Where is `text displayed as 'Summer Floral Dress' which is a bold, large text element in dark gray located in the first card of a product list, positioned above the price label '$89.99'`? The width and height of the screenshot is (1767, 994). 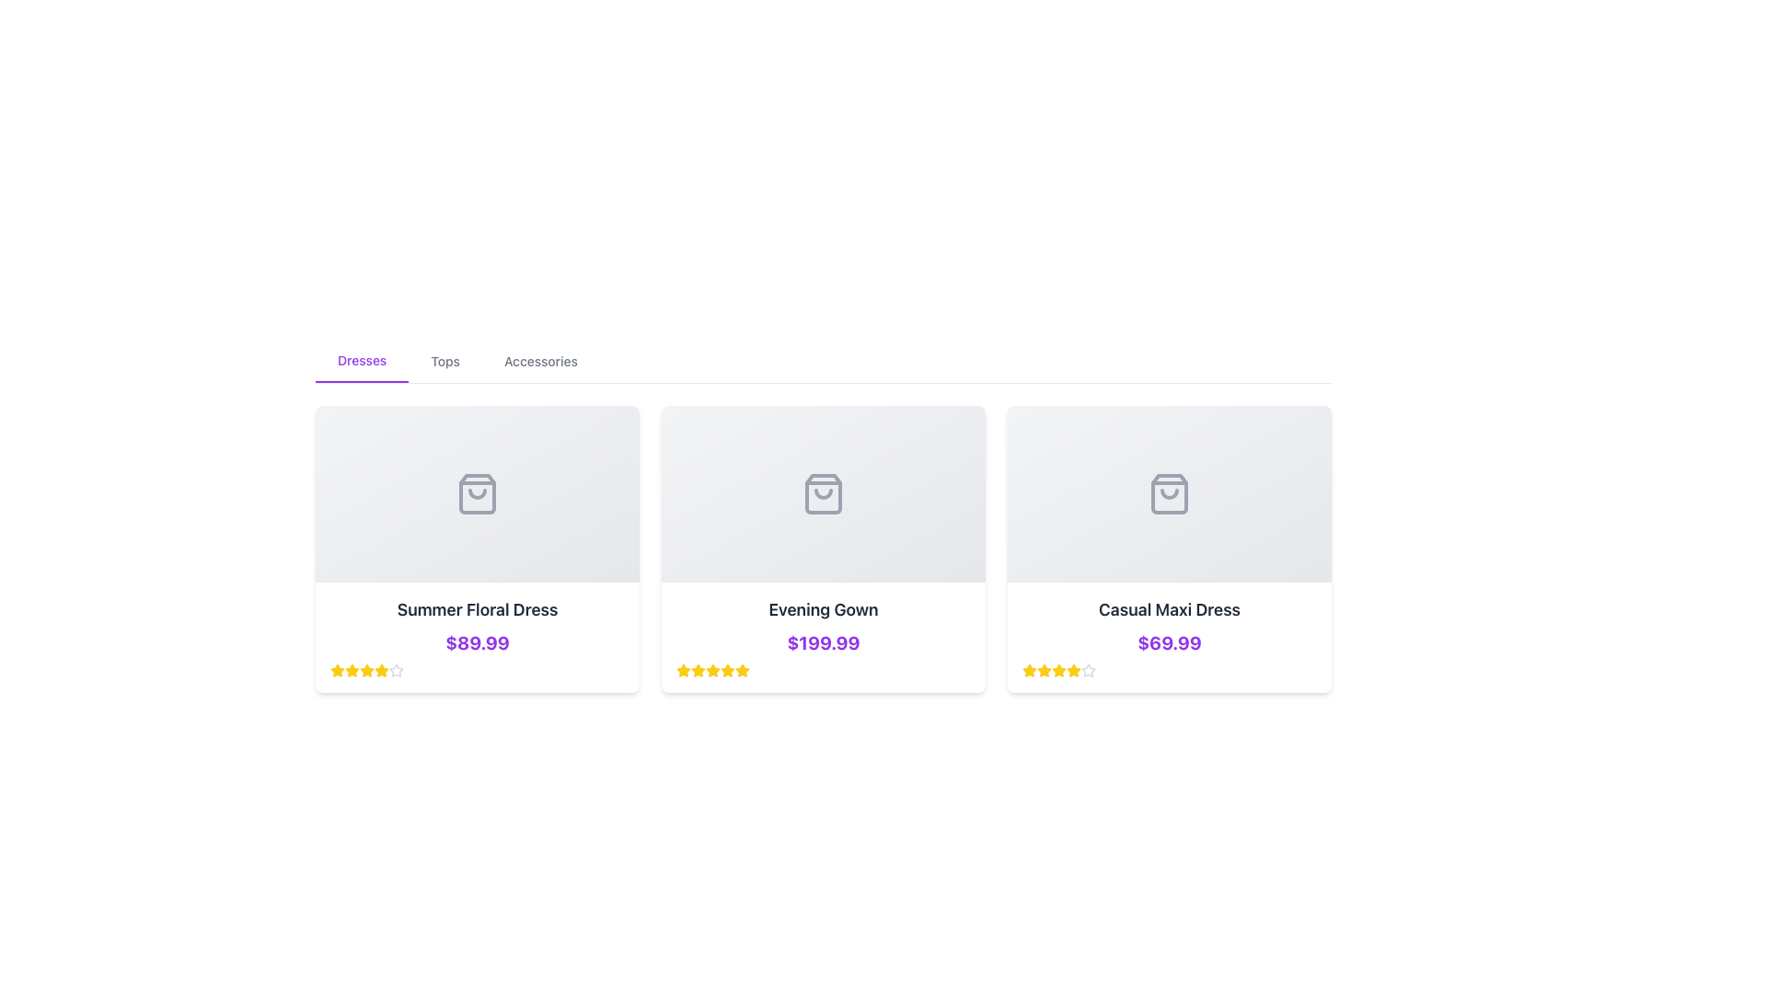 text displayed as 'Summer Floral Dress' which is a bold, large text element in dark gray located in the first card of a product list, positioned above the price label '$89.99' is located at coordinates (477, 610).